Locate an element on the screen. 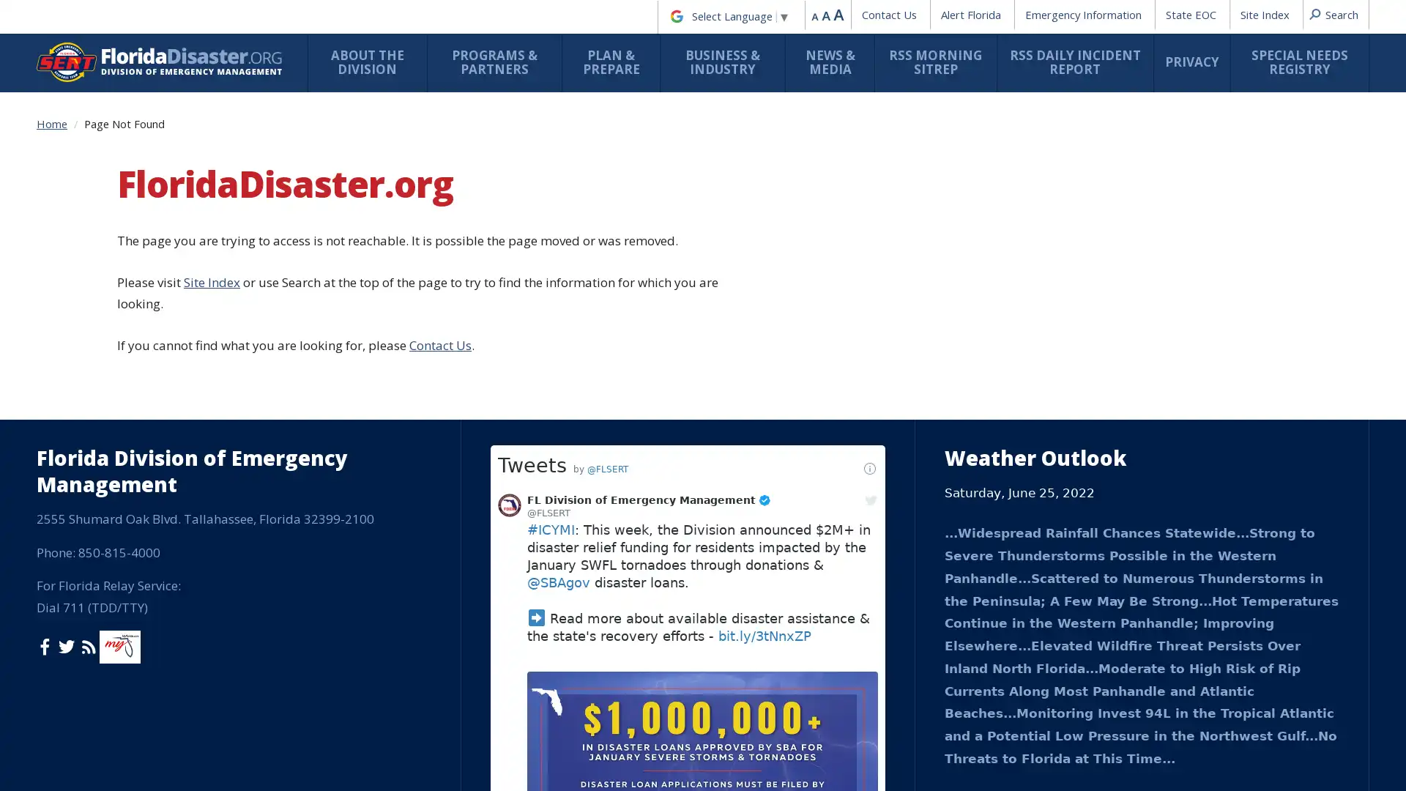 This screenshot has height=791, width=1406. Toggle More is located at coordinates (734, 560).